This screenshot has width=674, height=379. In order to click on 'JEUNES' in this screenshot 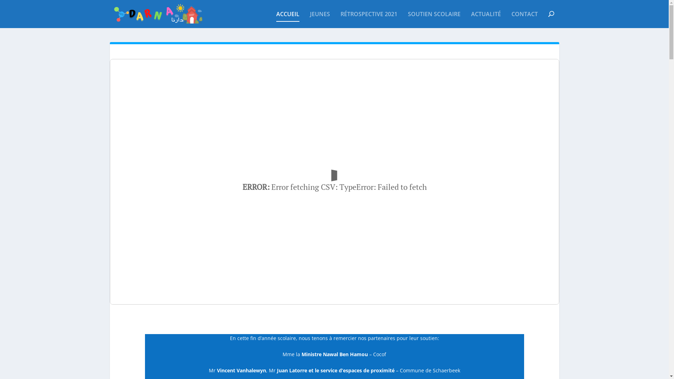, I will do `click(319, 19)`.